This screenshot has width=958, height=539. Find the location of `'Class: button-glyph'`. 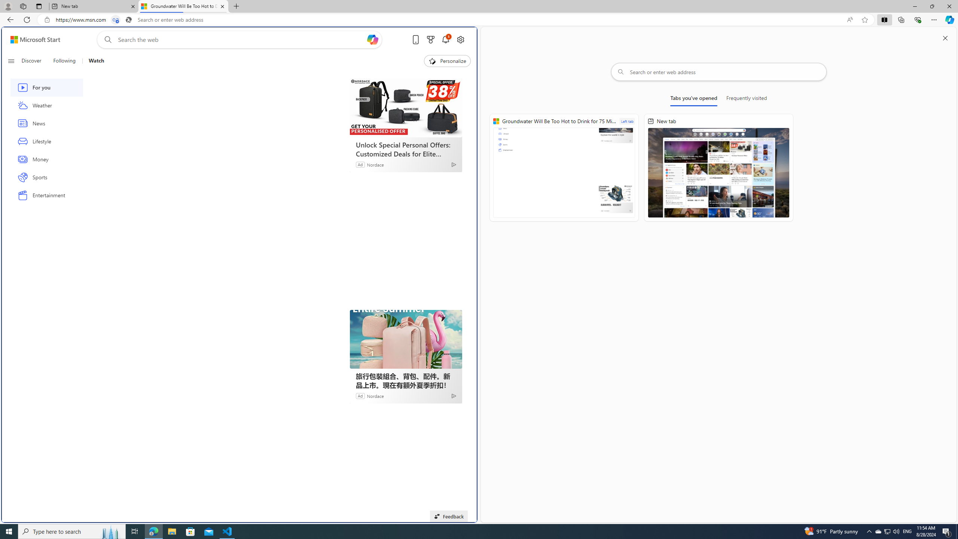

'Class: button-glyph' is located at coordinates (10, 61).